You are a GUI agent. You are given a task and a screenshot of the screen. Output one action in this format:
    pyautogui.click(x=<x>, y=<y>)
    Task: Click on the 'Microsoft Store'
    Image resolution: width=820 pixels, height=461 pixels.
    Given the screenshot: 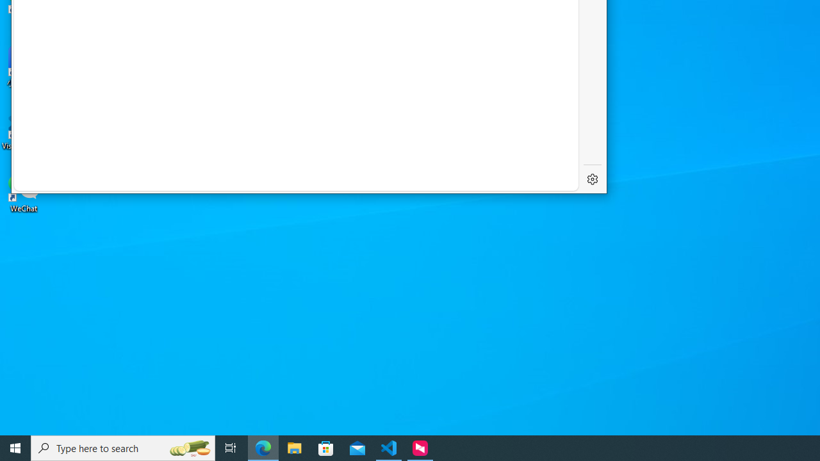 What is the action you would take?
    pyautogui.click(x=326, y=447)
    